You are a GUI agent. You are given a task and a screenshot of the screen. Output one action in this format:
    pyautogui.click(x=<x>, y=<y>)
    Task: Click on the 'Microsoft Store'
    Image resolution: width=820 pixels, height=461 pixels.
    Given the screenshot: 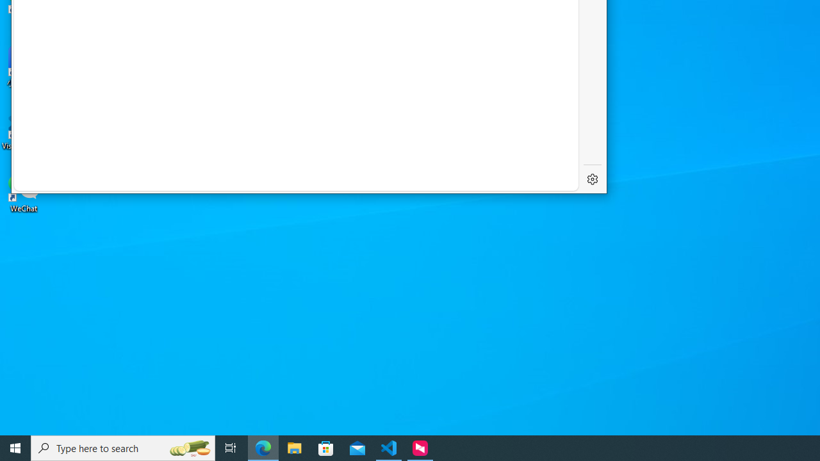 What is the action you would take?
    pyautogui.click(x=326, y=447)
    